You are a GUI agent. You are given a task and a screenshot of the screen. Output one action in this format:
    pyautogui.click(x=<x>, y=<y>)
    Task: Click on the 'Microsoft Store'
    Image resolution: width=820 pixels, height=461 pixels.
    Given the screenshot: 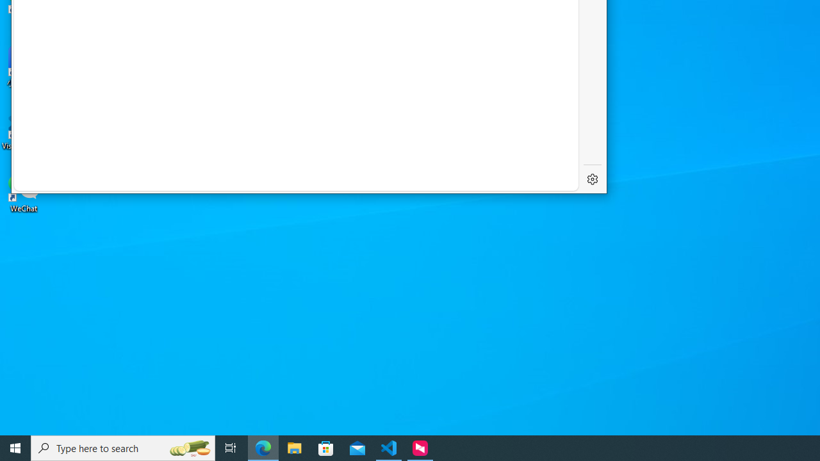 What is the action you would take?
    pyautogui.click(x=326, y=447)
    